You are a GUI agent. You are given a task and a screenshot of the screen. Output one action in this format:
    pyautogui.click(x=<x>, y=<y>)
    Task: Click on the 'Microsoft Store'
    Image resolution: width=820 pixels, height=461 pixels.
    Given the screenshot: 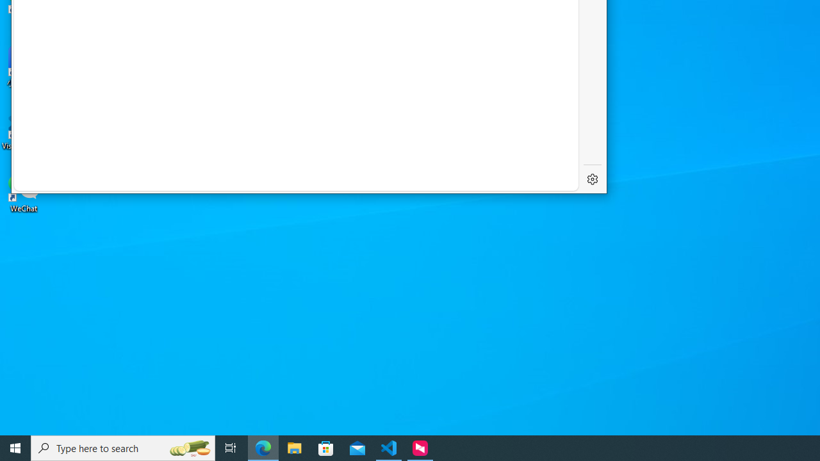 What is the action you would take?
    pyautogui.click(x=326, y=447)
    